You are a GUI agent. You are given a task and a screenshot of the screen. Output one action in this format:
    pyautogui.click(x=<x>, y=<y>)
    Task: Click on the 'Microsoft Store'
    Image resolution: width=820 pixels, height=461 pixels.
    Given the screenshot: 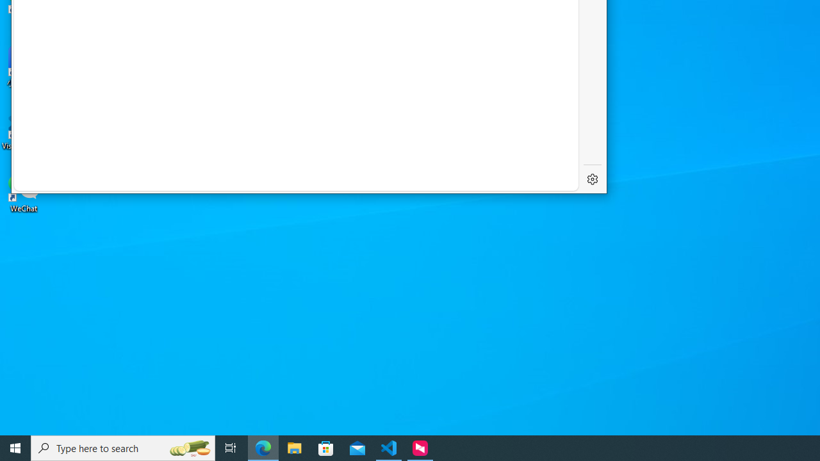 What is the action you would take?
    pyautogui.click(x=326, y=447)
    